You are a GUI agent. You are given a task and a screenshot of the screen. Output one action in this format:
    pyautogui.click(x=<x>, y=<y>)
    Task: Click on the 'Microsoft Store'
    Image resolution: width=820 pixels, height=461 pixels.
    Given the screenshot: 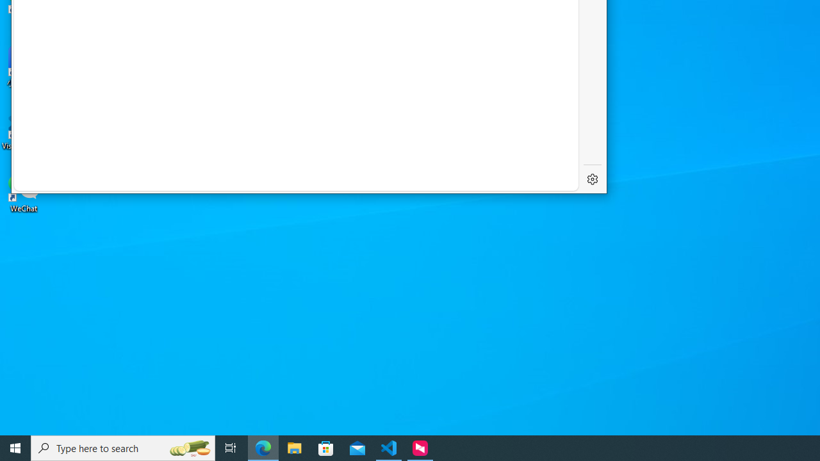 What is the action you would take?
    pyautogui.click(x=326, y=447)
    